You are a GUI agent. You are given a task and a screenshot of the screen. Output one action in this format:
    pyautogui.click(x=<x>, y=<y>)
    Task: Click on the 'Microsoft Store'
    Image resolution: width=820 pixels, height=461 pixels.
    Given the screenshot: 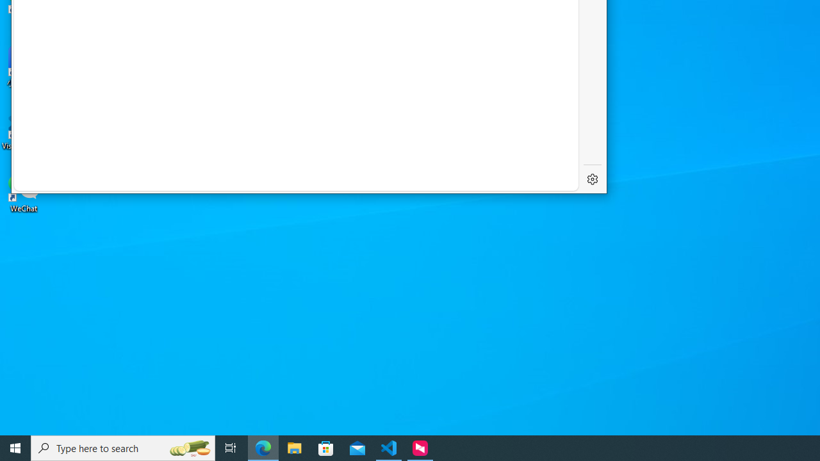 What is the action you would take?
    pyautogui.click(x=326, y=447)
    